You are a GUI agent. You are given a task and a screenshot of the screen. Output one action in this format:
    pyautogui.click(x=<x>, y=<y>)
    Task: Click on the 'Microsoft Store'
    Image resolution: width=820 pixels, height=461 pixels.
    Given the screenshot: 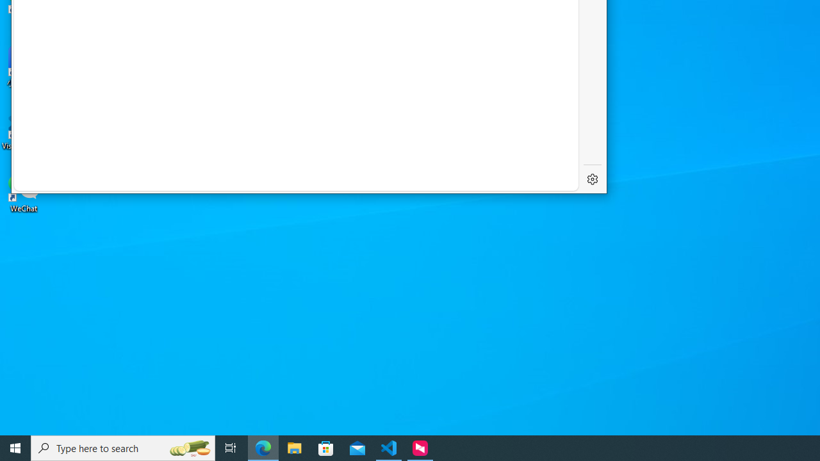 What is the action you would take?
    pyautogui.click(x=326, y=447)
    